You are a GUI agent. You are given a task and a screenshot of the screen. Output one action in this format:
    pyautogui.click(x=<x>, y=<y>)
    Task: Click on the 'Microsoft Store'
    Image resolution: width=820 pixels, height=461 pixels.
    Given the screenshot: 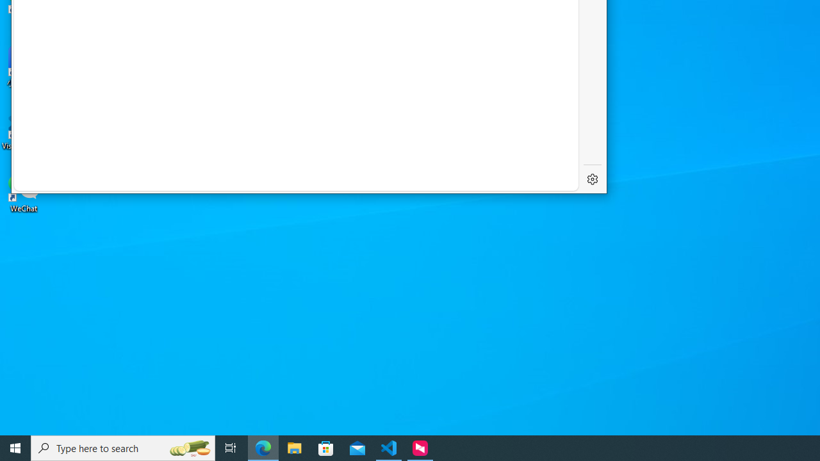 What is the action you would take?
    pyautogui.click(x=326, y=447)
    